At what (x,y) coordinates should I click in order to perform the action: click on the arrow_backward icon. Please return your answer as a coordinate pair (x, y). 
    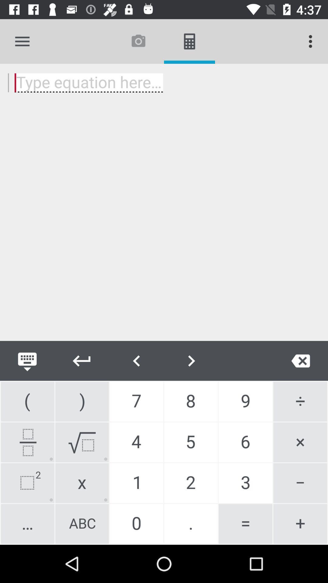
    Looking at the image, I should click on (82, 361).